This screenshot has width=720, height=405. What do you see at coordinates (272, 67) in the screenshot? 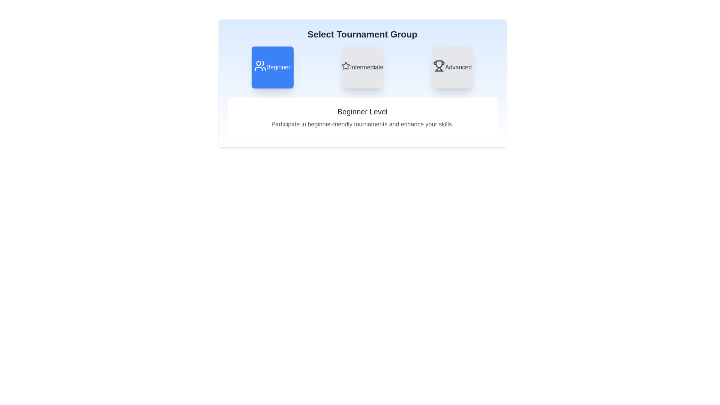
I see `the 'Beginner' group selection button located in the 'Select Tournament Group' section` at bounding box center [272, 67].